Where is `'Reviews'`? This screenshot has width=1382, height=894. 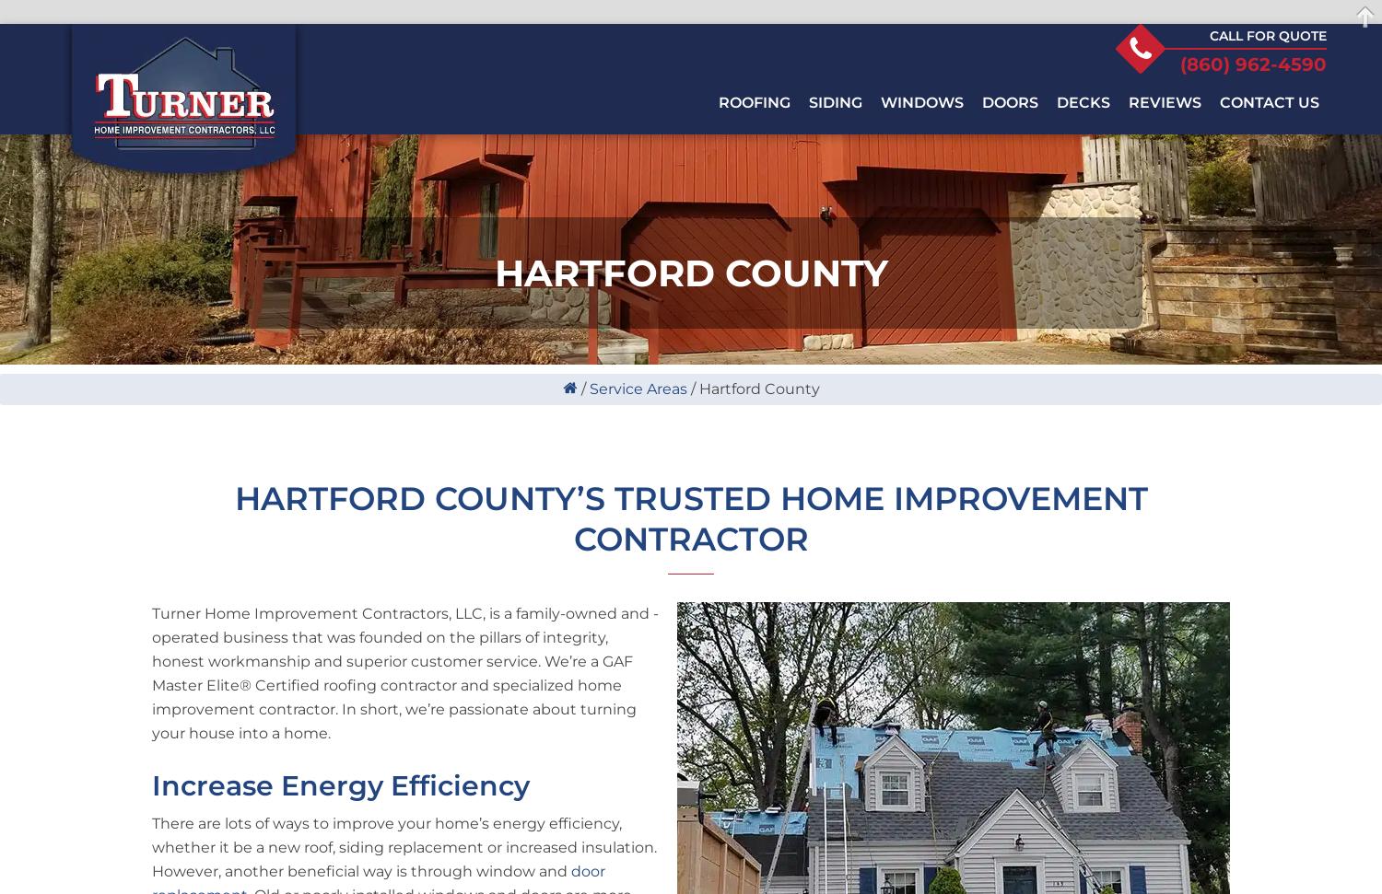
'Reviews' is located at coordinates (1165, 101).